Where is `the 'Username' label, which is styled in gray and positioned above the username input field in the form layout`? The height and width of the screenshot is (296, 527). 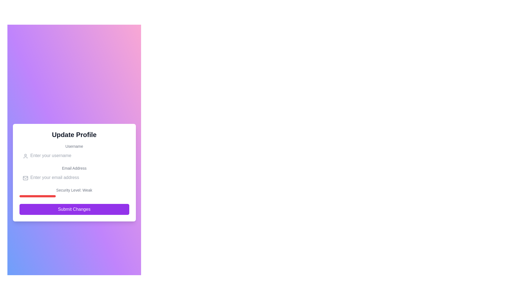
the 'Username' label, which is styled in gray and positioned above the username input field in the form layout is located at coordinates (74, 146).